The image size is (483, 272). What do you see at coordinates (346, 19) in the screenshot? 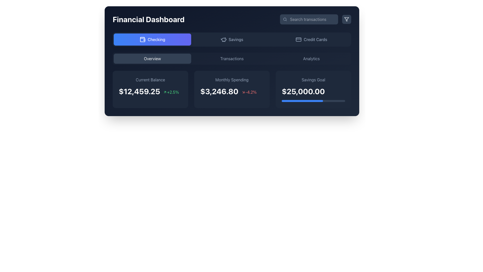
I see `the filter button located in the top-right corner of the dashboard interface` at bounding box center [346, 19].